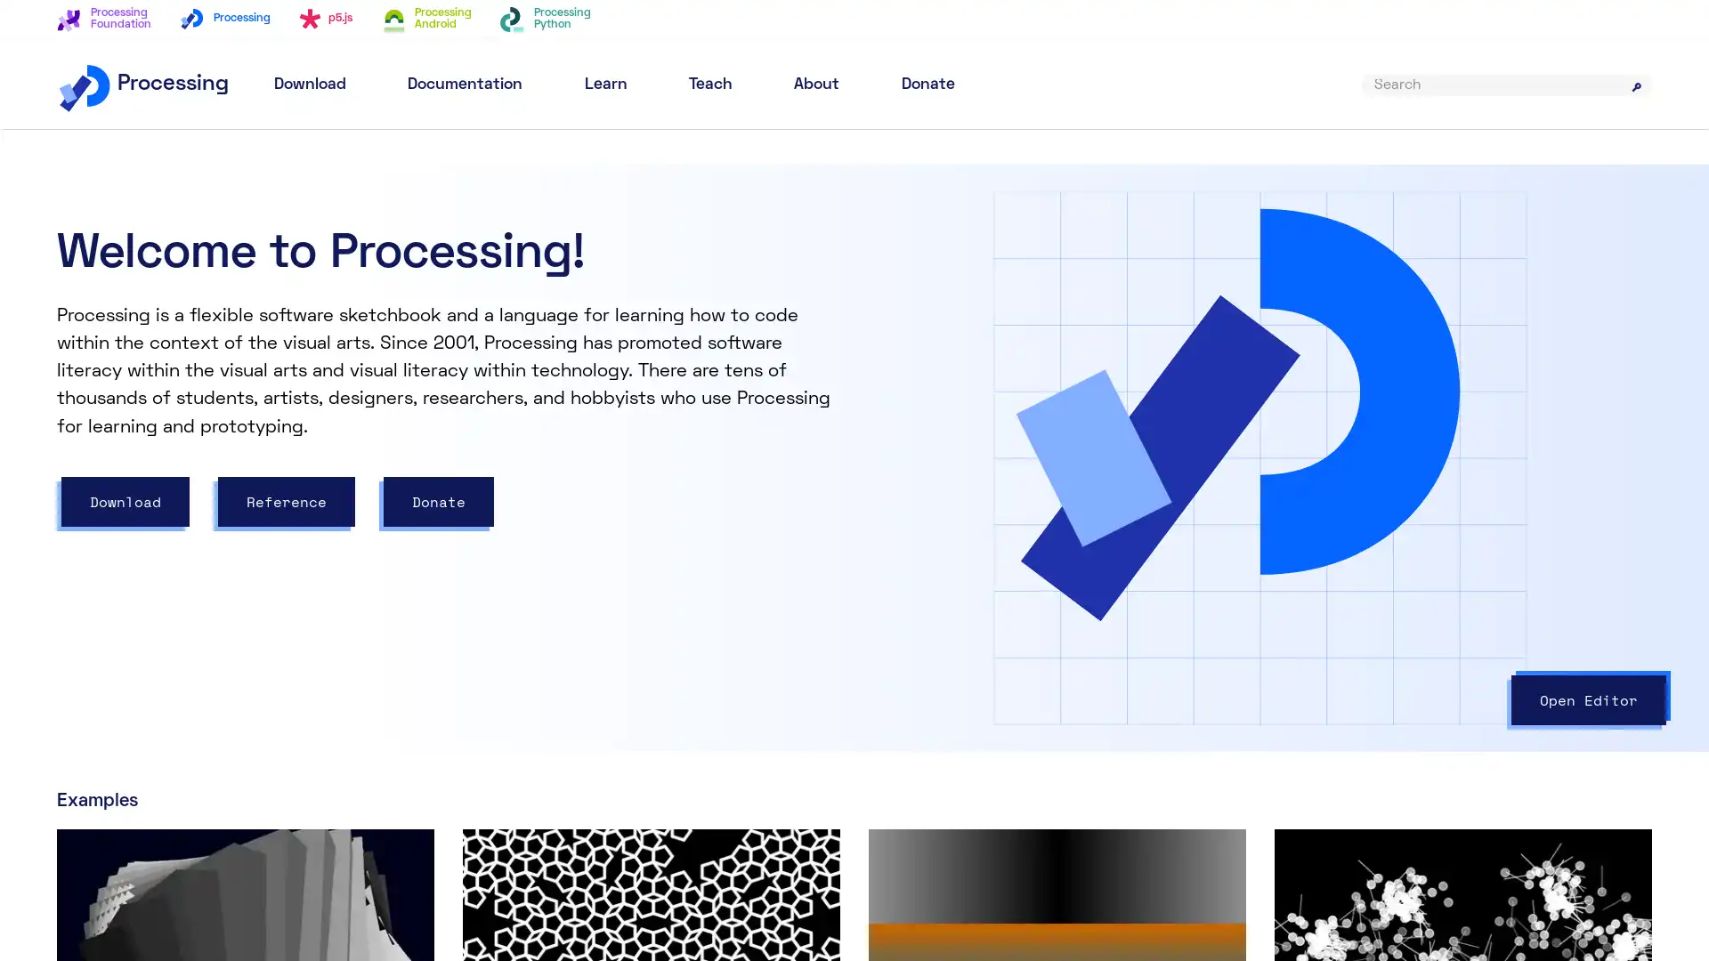 The width and height of the screenshot is (1709, 961). Describe the element at coordinates (1006, 548) in the screenshot. I see `change position` at that location.